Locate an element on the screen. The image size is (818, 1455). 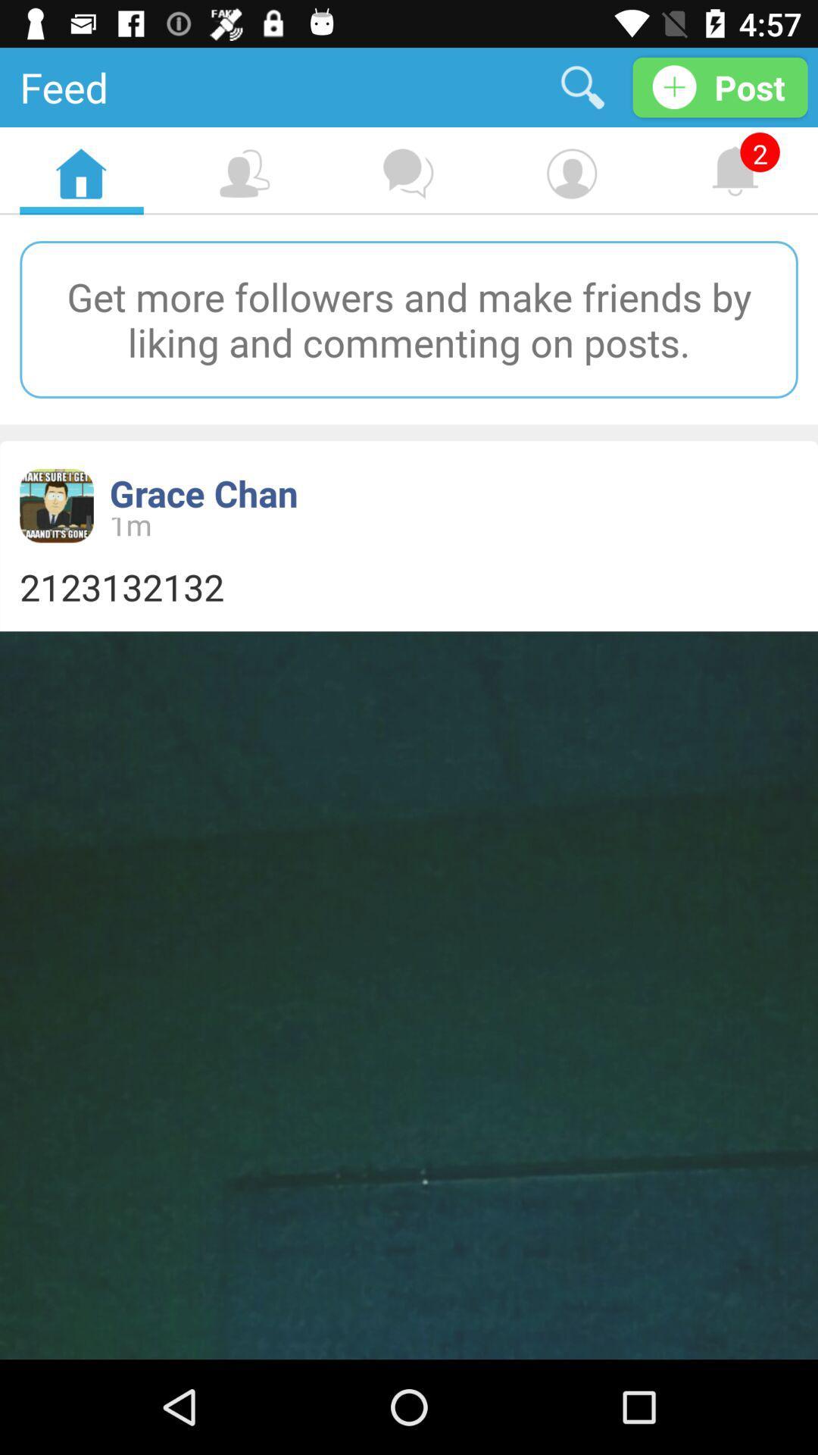
item below get more followers item is located at coordinates (203, 493).